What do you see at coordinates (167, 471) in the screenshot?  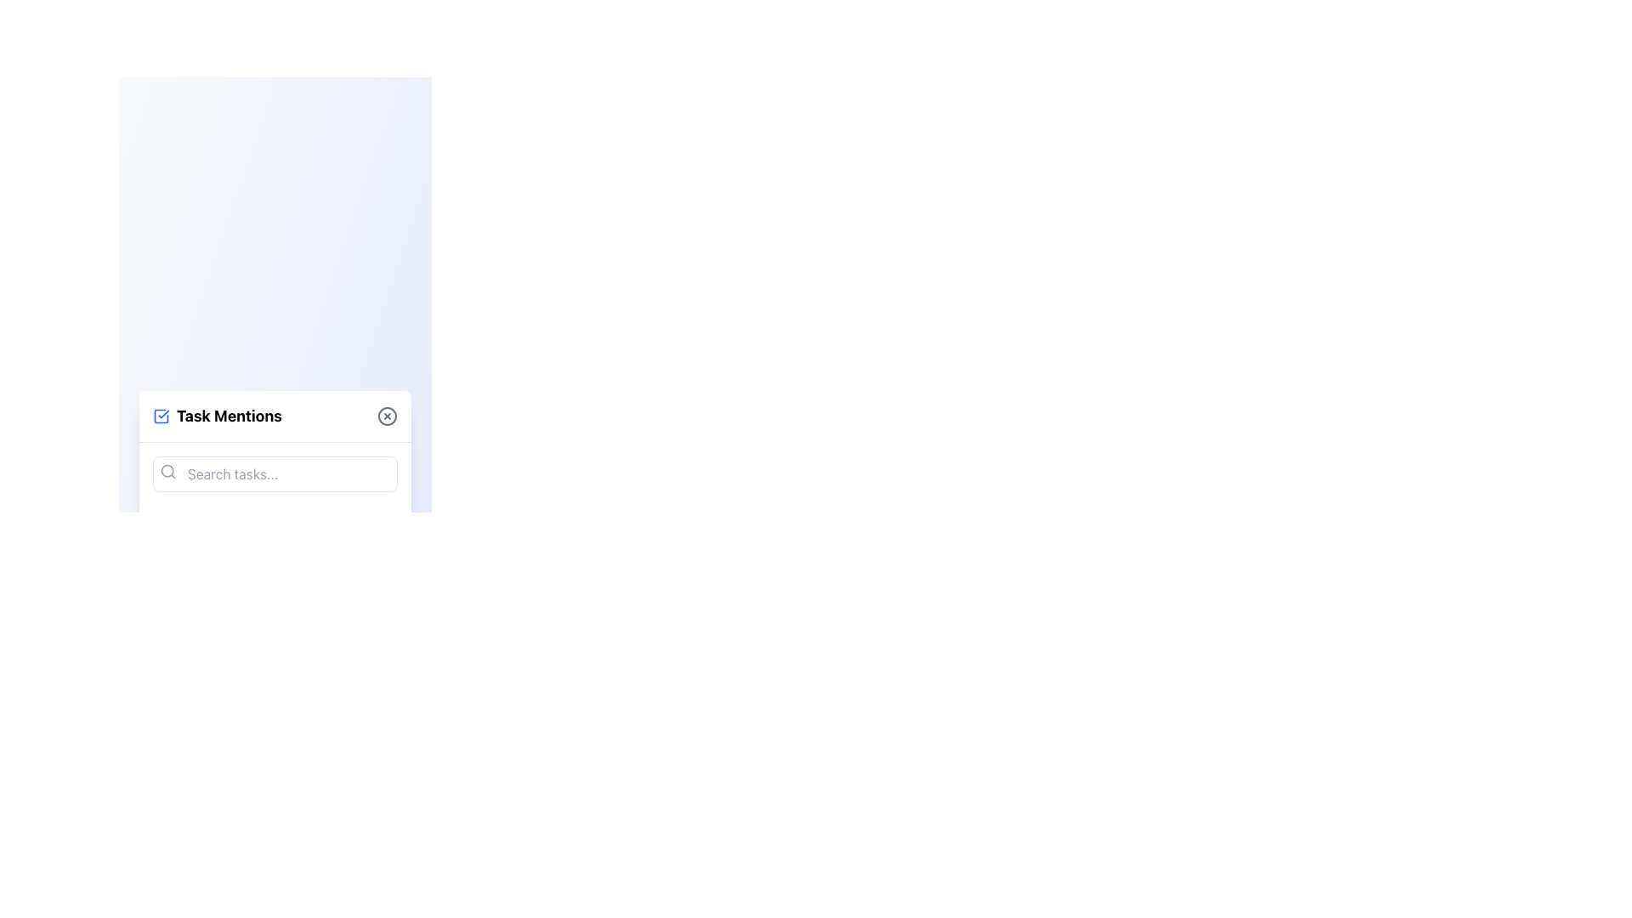 I see `the graphical search button located at the top-left corner of the search input field` at bounding box center [167, 471].